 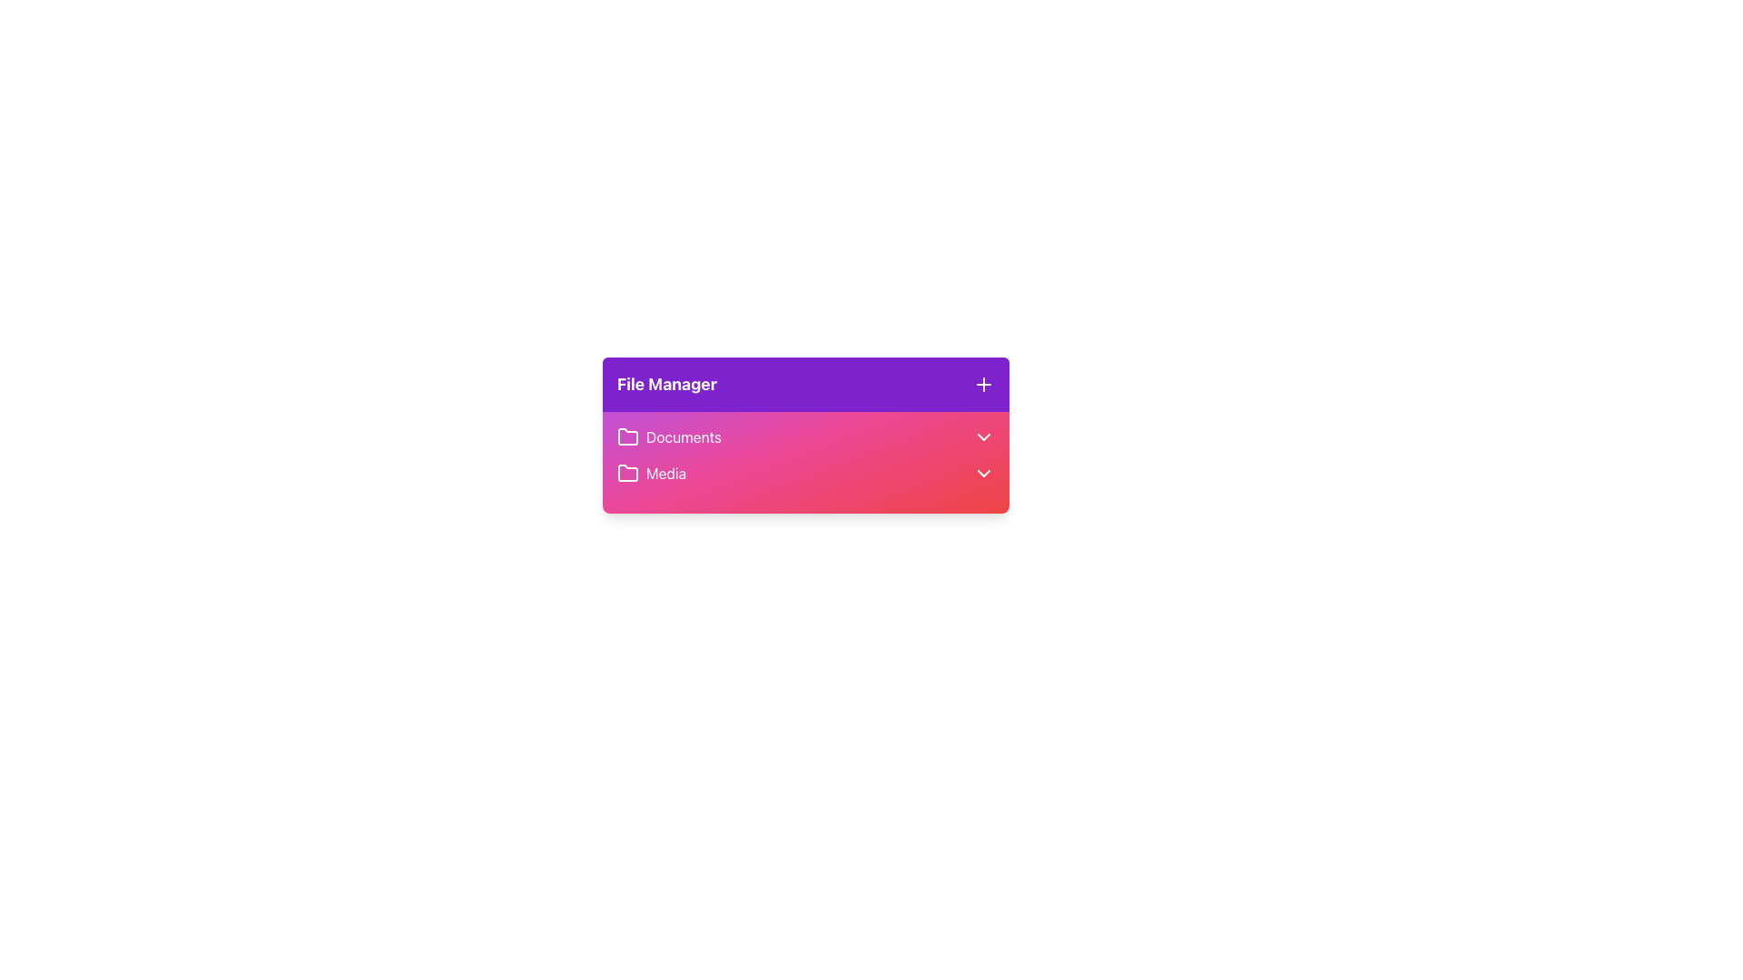 I want to click on the 'Documents' icon in the File Manager card, so click(x=627, y=436).